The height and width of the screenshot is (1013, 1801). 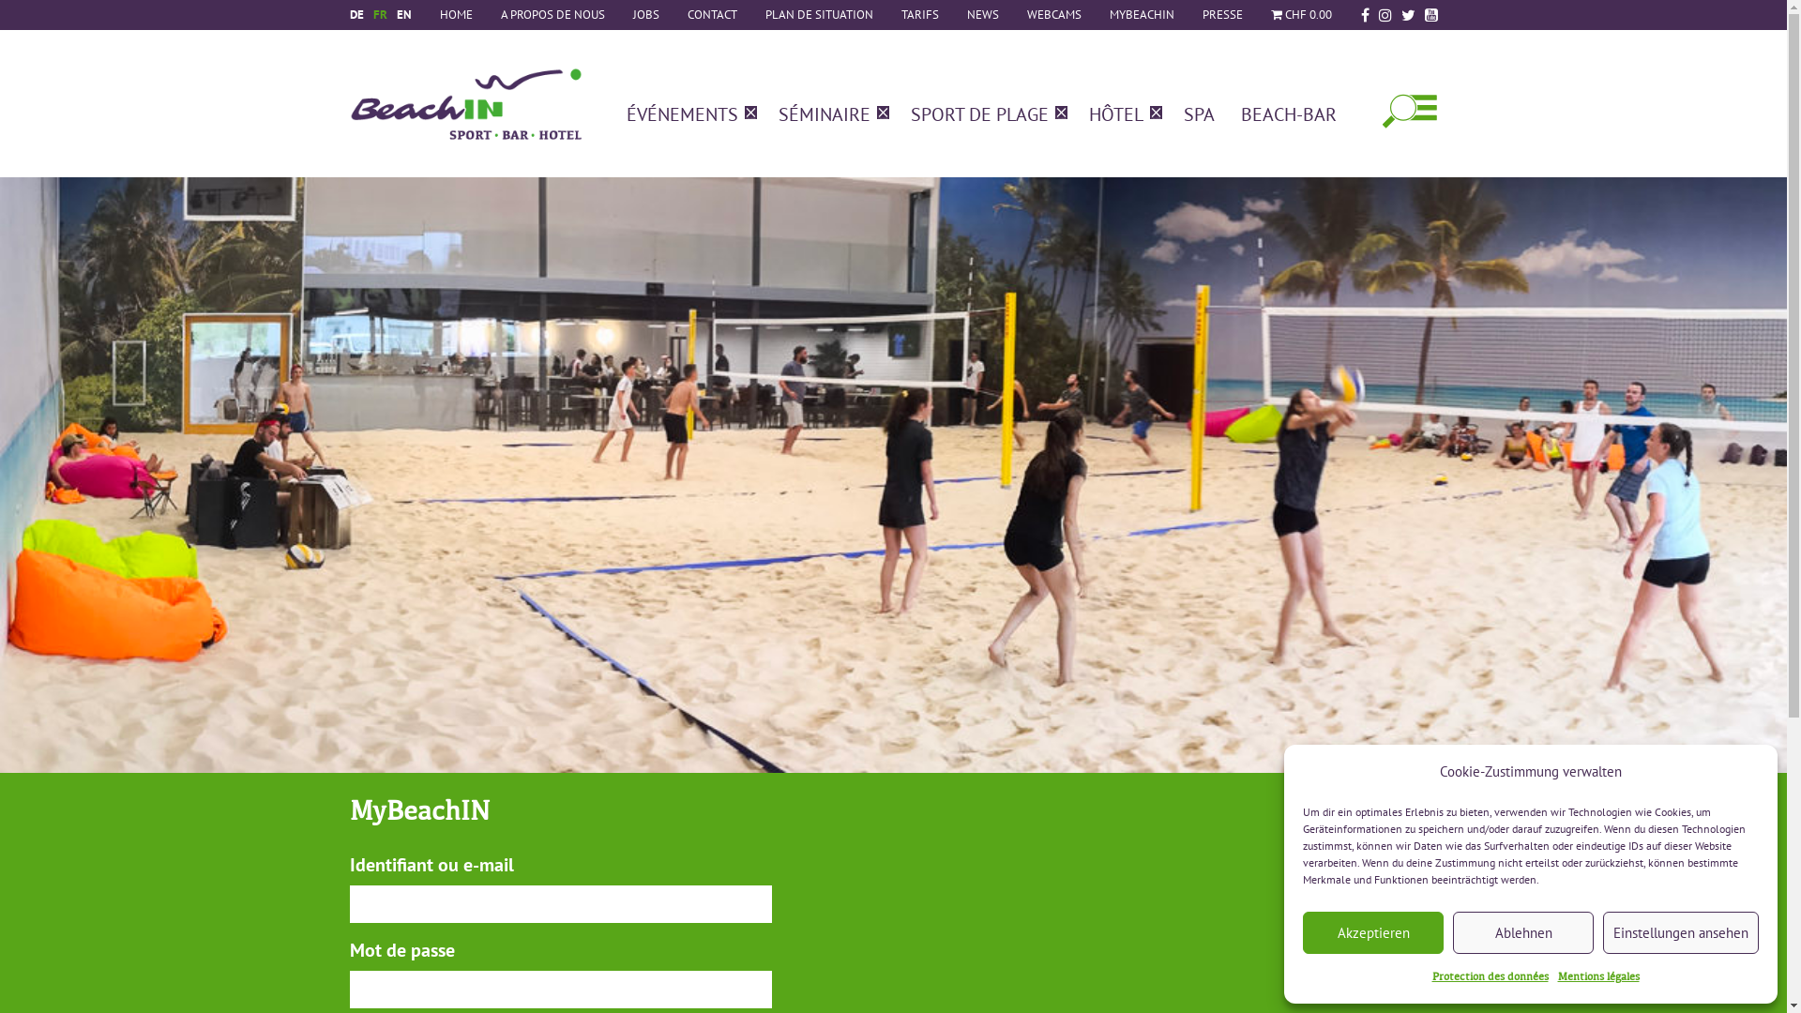 What do you see at coordinates (1680, 932) in the screenshot?
I see `'Einstellungen ansehen'` at bounding box center [1680, 932].